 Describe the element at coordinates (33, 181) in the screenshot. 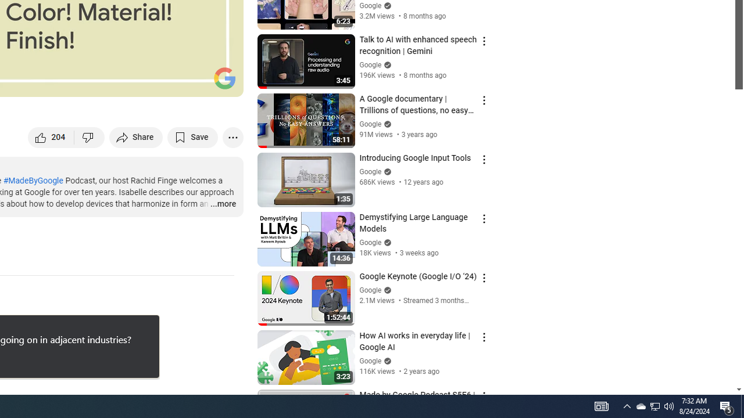

I see `'#MadeByGoogle'` at that location.